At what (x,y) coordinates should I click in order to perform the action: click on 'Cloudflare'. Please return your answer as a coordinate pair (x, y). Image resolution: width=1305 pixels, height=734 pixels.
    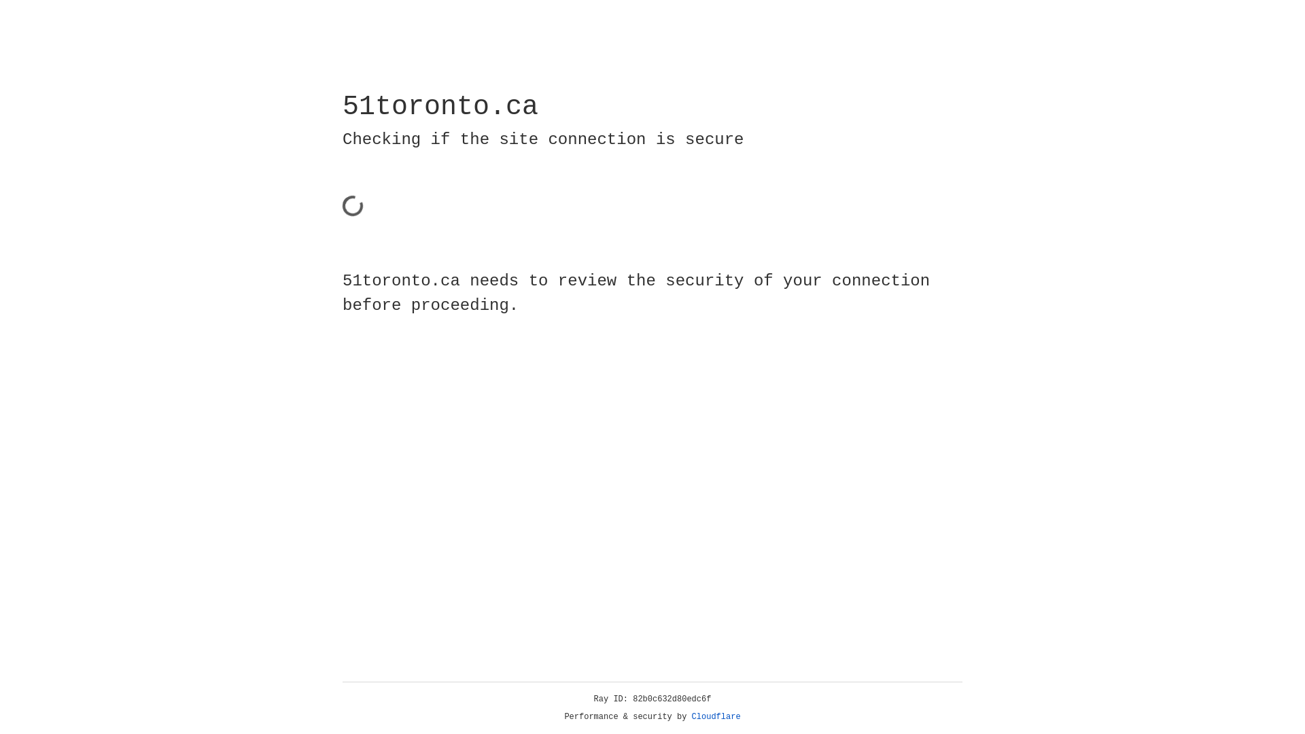
    Looking at the image, I should click on (716, 716).